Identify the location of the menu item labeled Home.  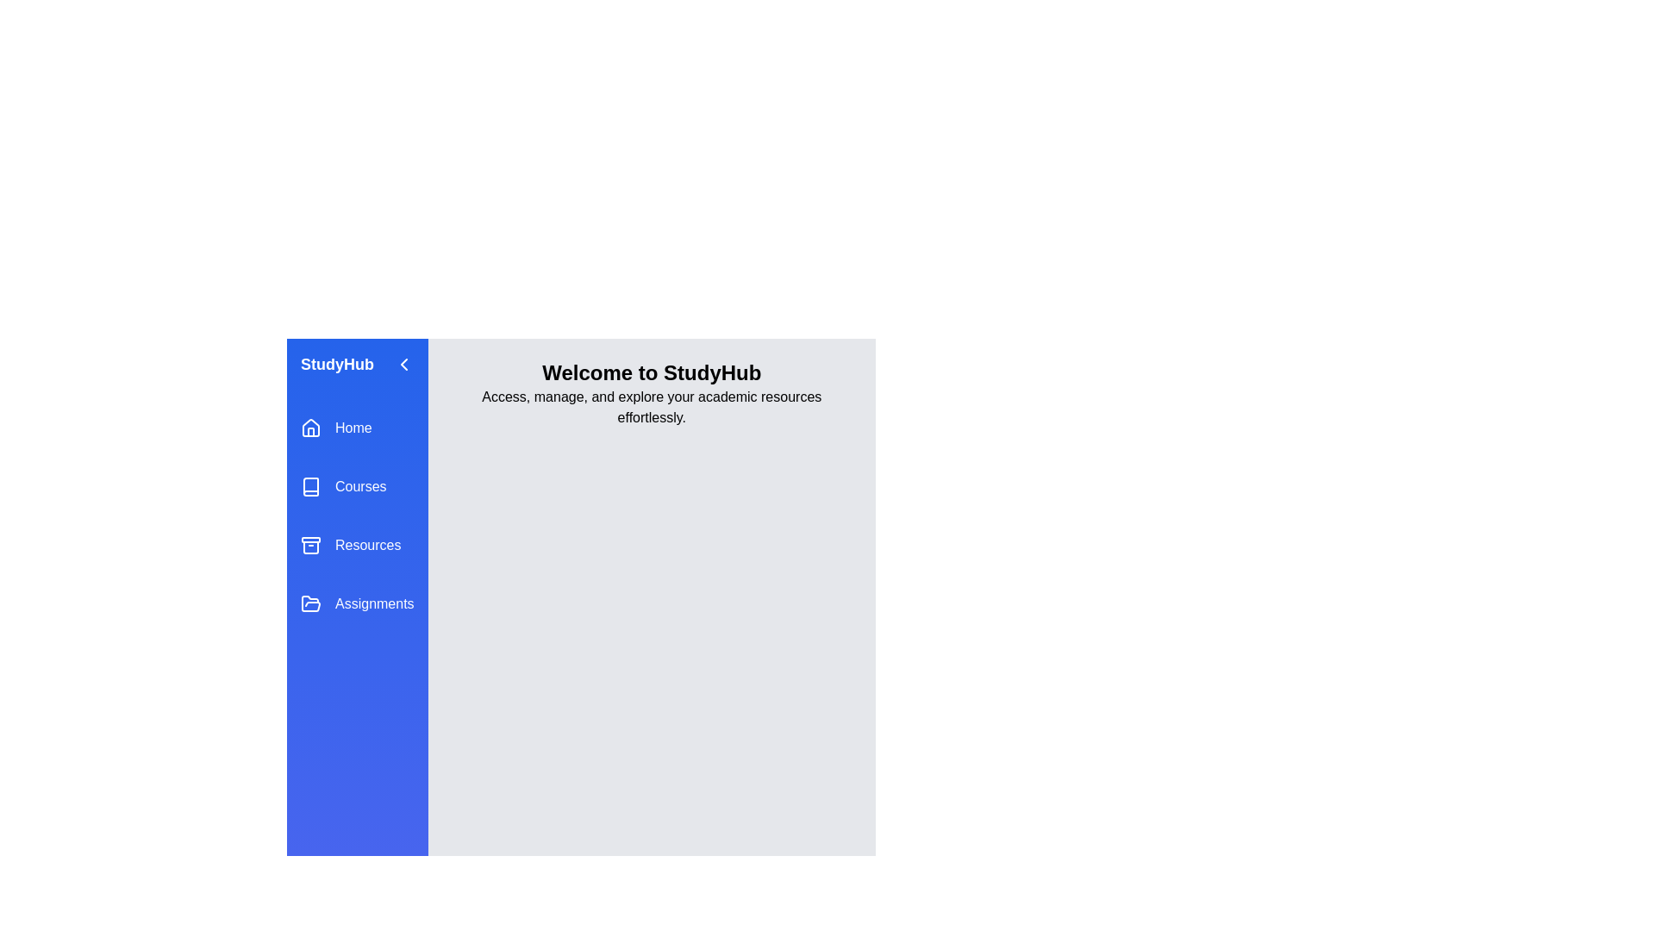
(356, 428).